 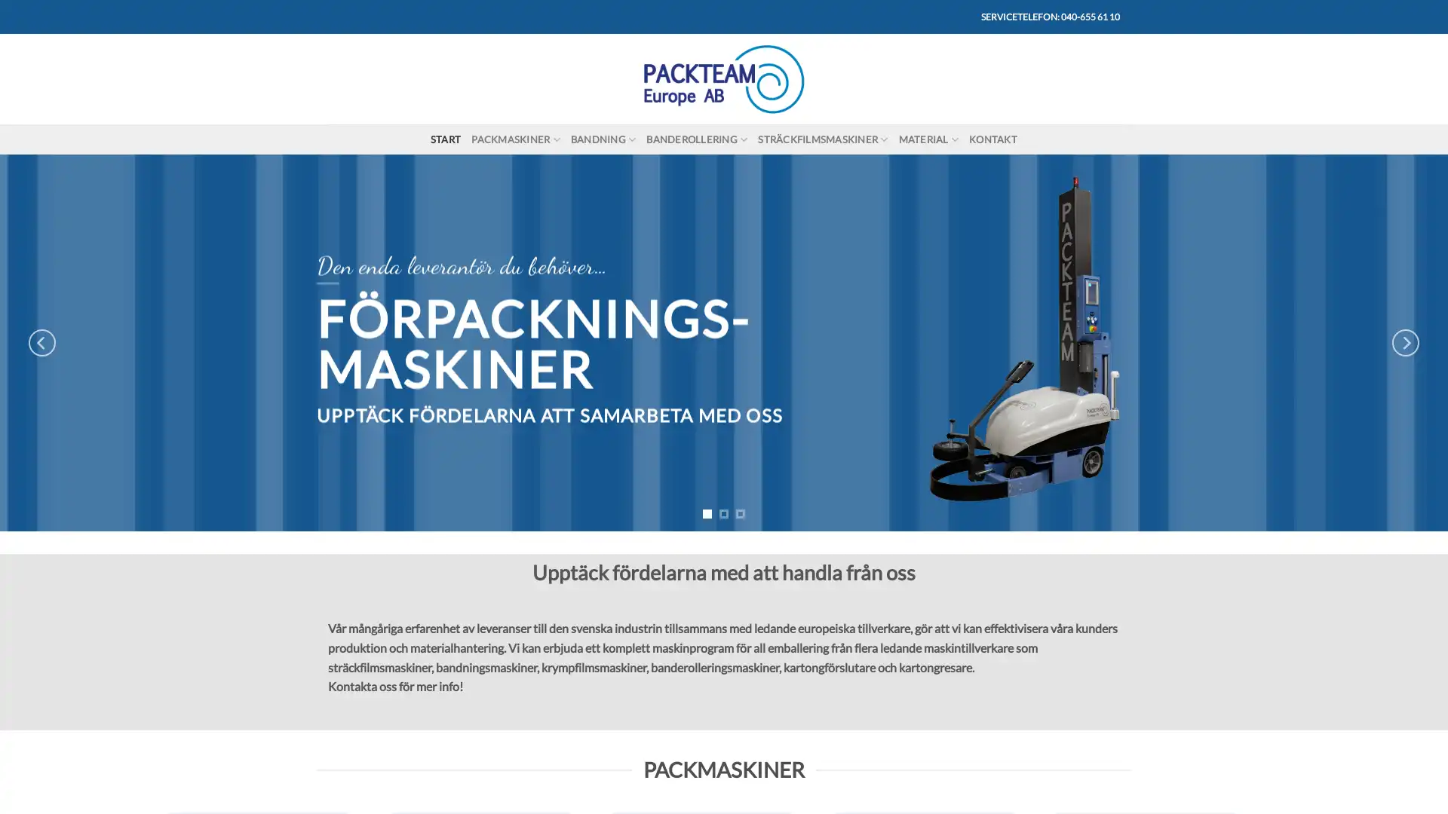 What do you see at coordinates (1404, 343) in the screenshot?
I see `Next` at bounding box center [1404, 343].